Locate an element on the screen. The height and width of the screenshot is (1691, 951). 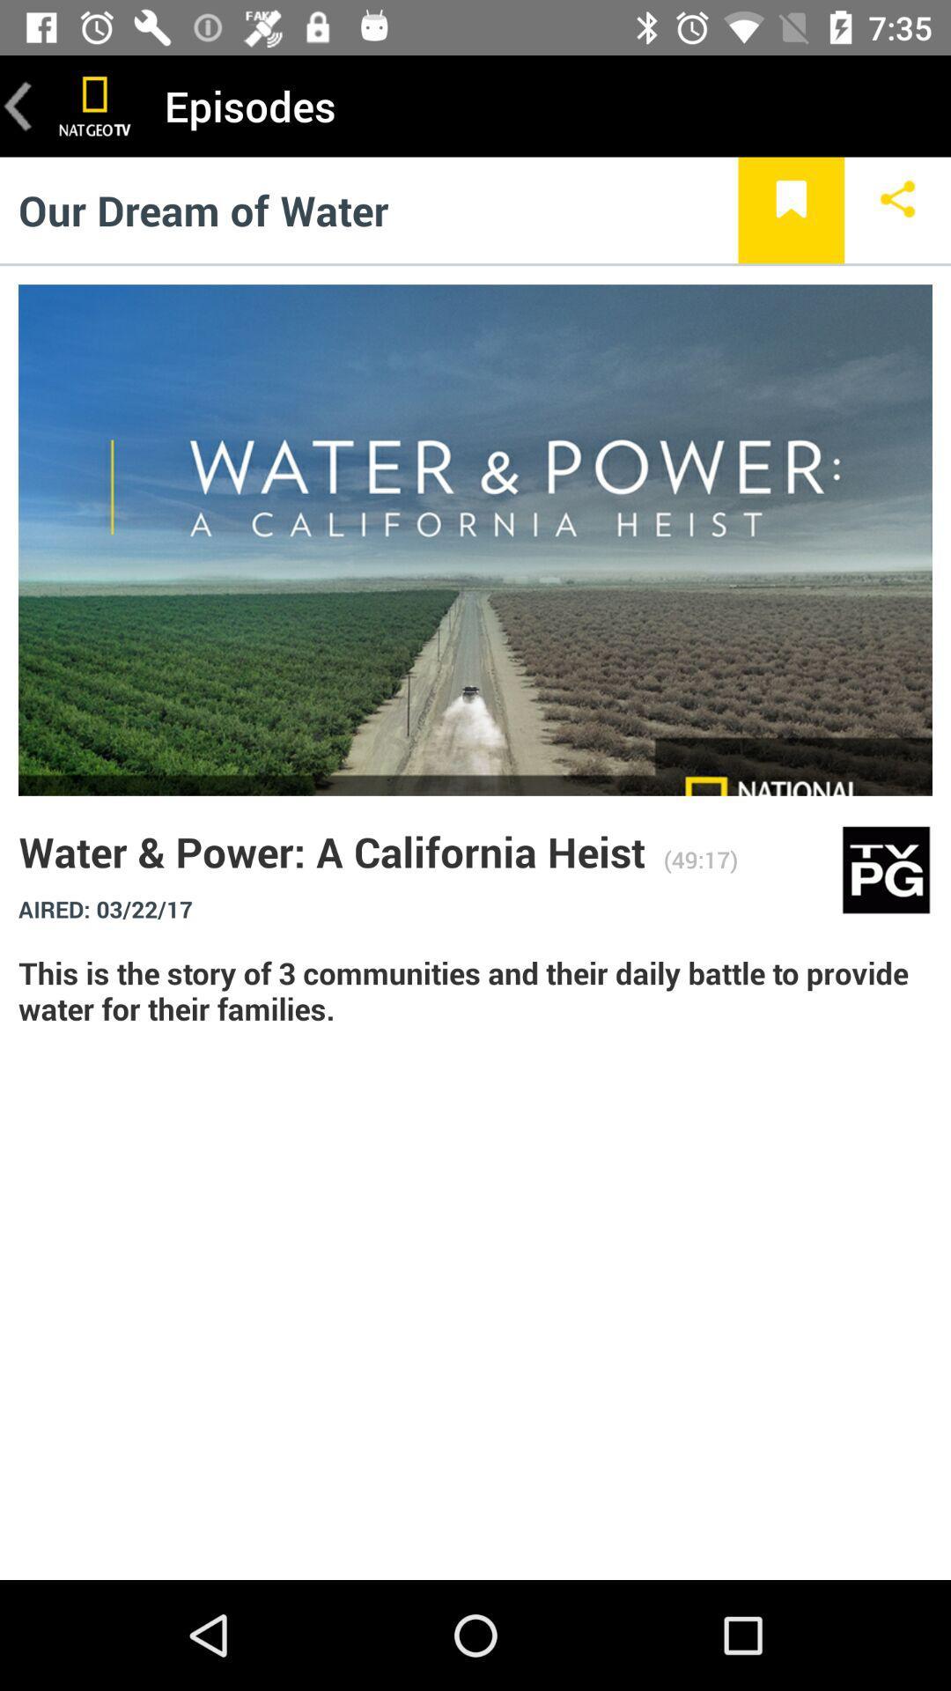
connect to bluetooth is located at coordinates (897, 210).